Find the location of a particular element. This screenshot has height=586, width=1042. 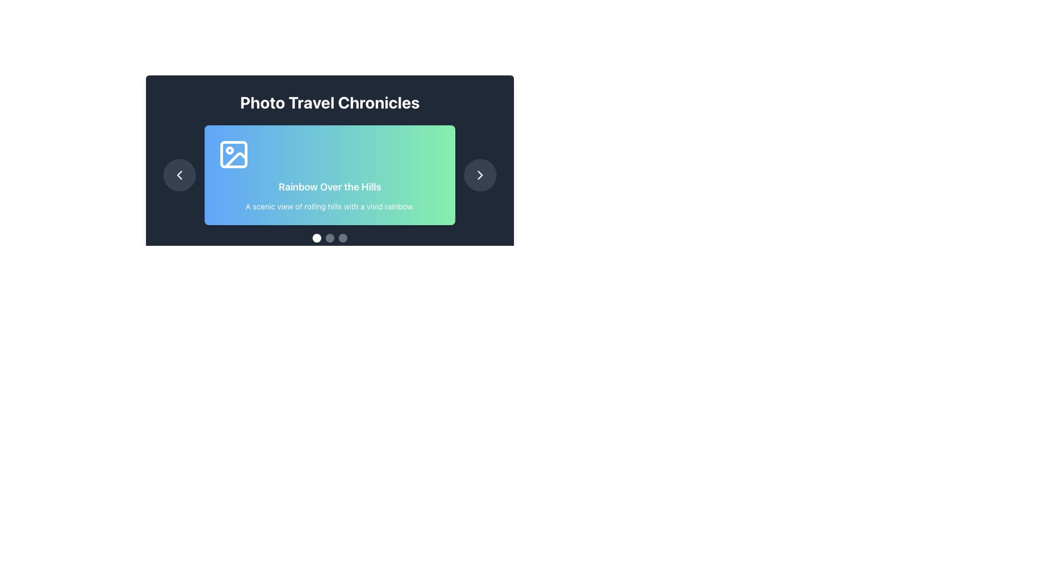

the last circular navigation indicator at the bottom center of the panel to jump to the corresponding slide is located at coordinates (342, 238).